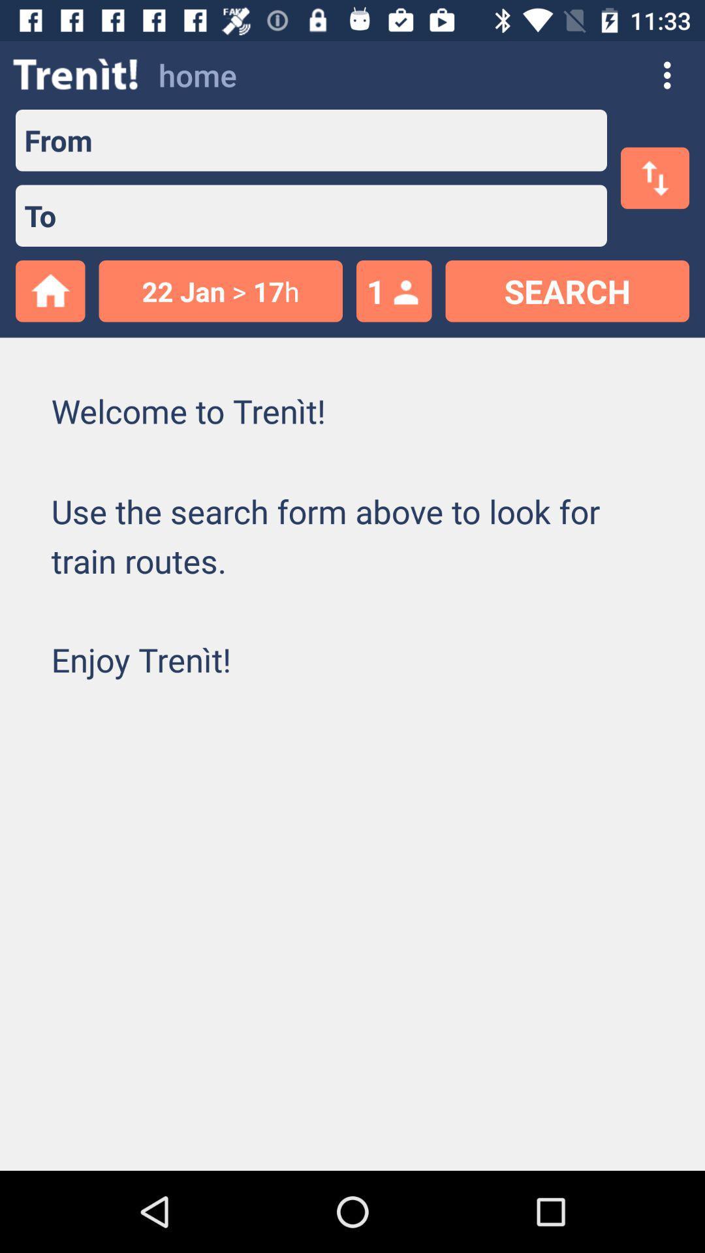 Image resolution: width=705 pixels, height=1253 pixels. What do you see at coordinates (76, 74) in the screenshot?
I see `item next to the home icon` at bounding box center [76, 74].